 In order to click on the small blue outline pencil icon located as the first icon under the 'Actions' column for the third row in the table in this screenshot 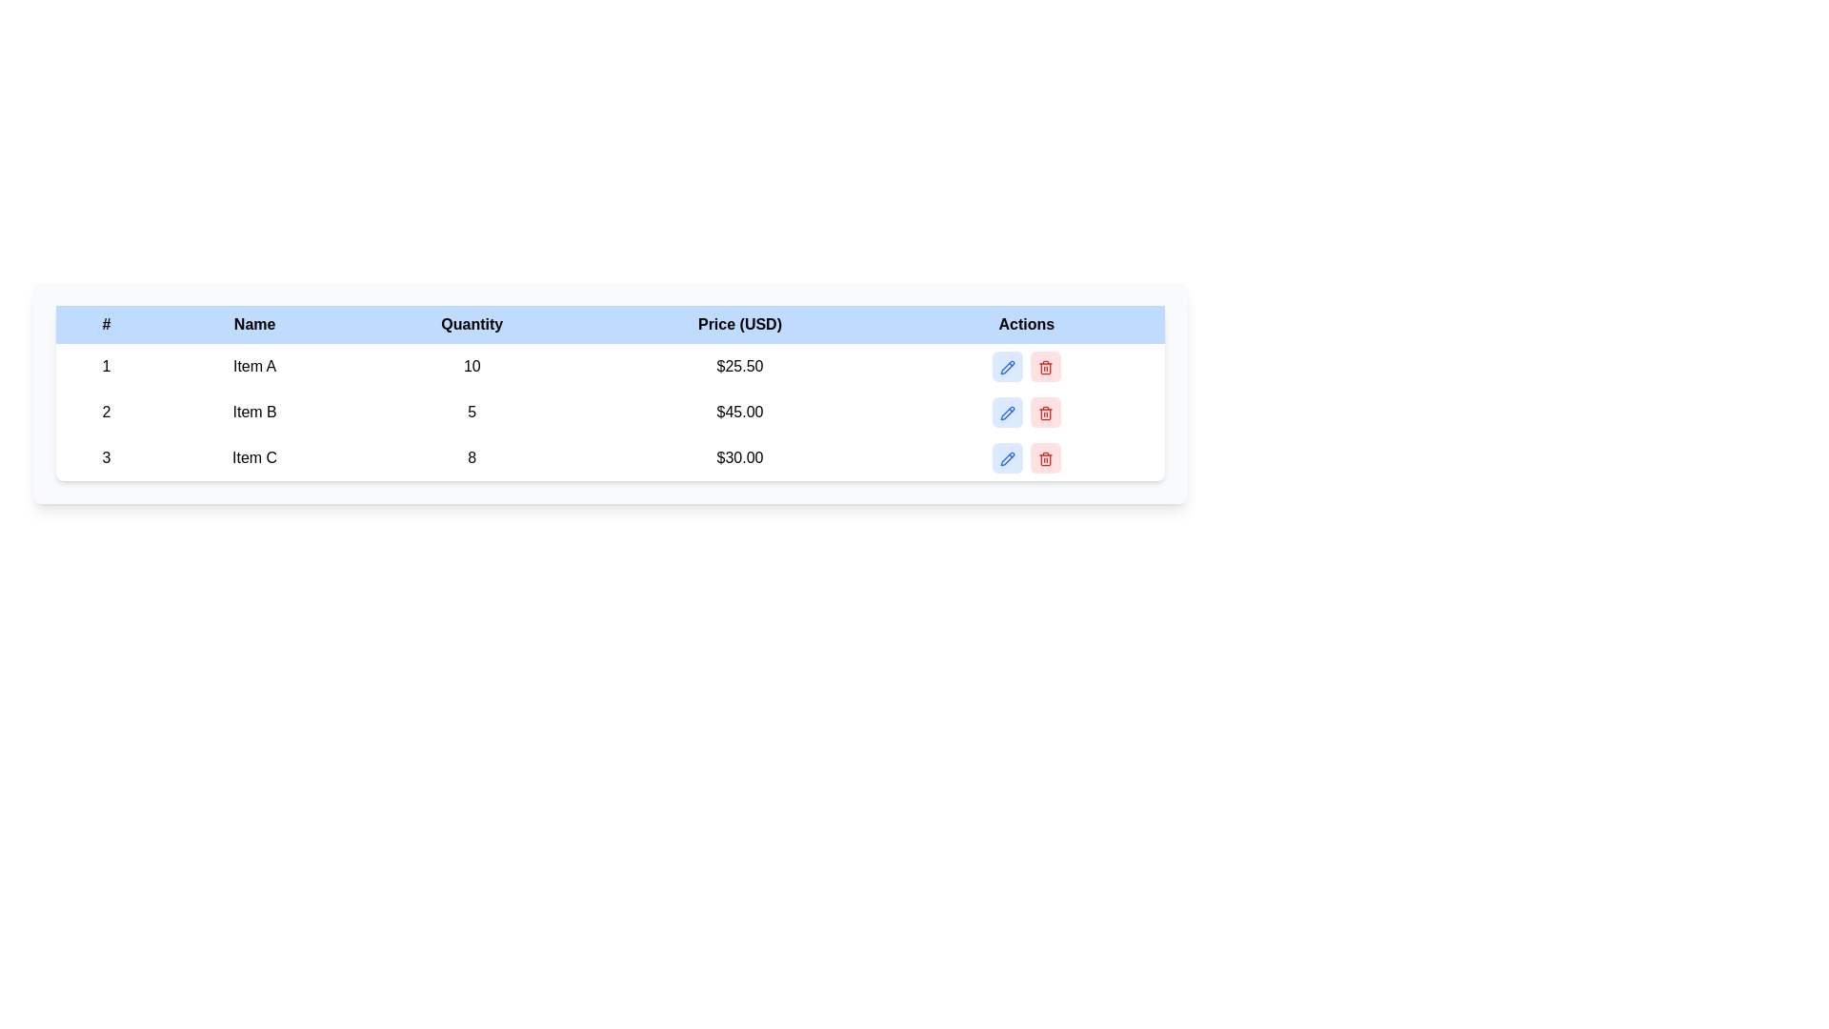, I will do `click(1006, 458)`.